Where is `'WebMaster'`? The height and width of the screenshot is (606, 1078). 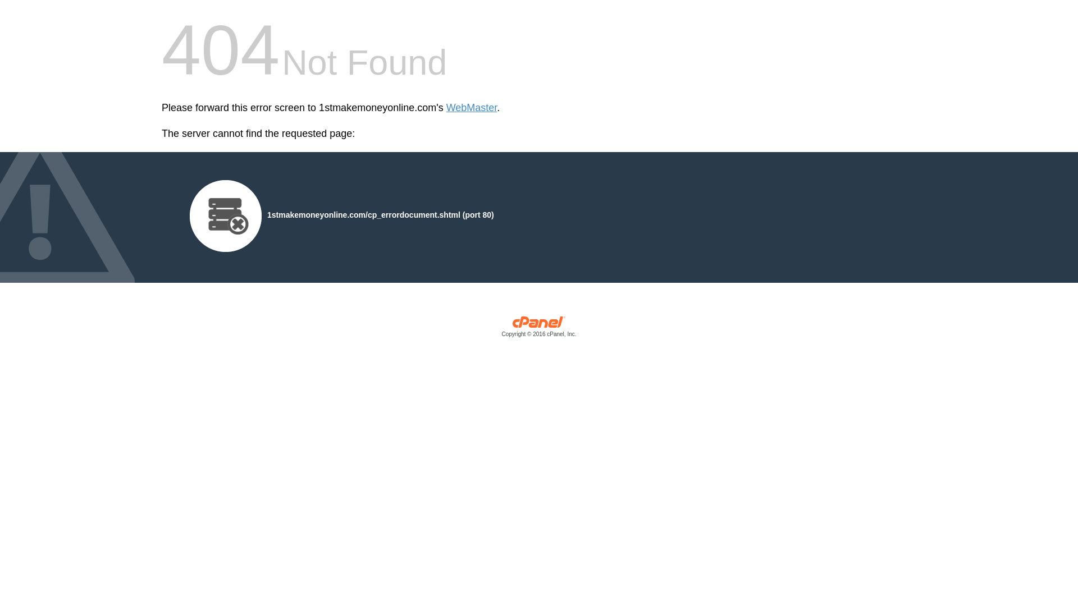
'WebMaster' is located at coordinates (472, 108).